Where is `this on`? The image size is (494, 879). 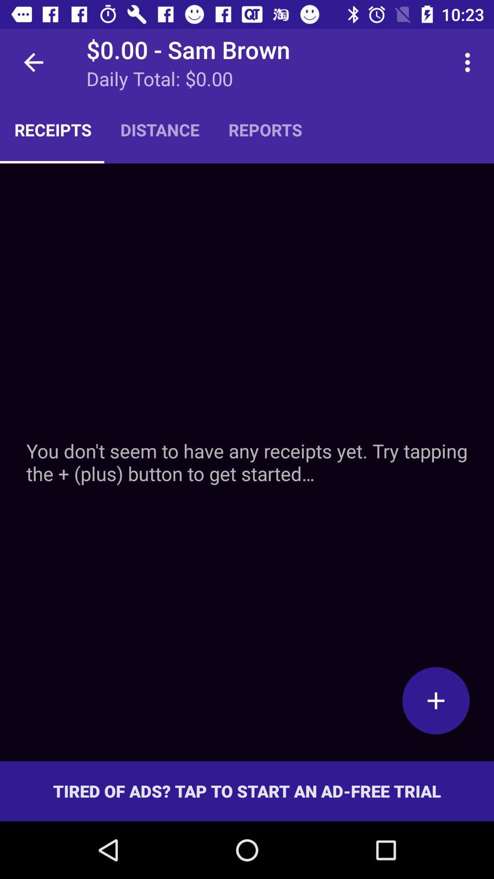
this on is located at coordinates (435, 700).